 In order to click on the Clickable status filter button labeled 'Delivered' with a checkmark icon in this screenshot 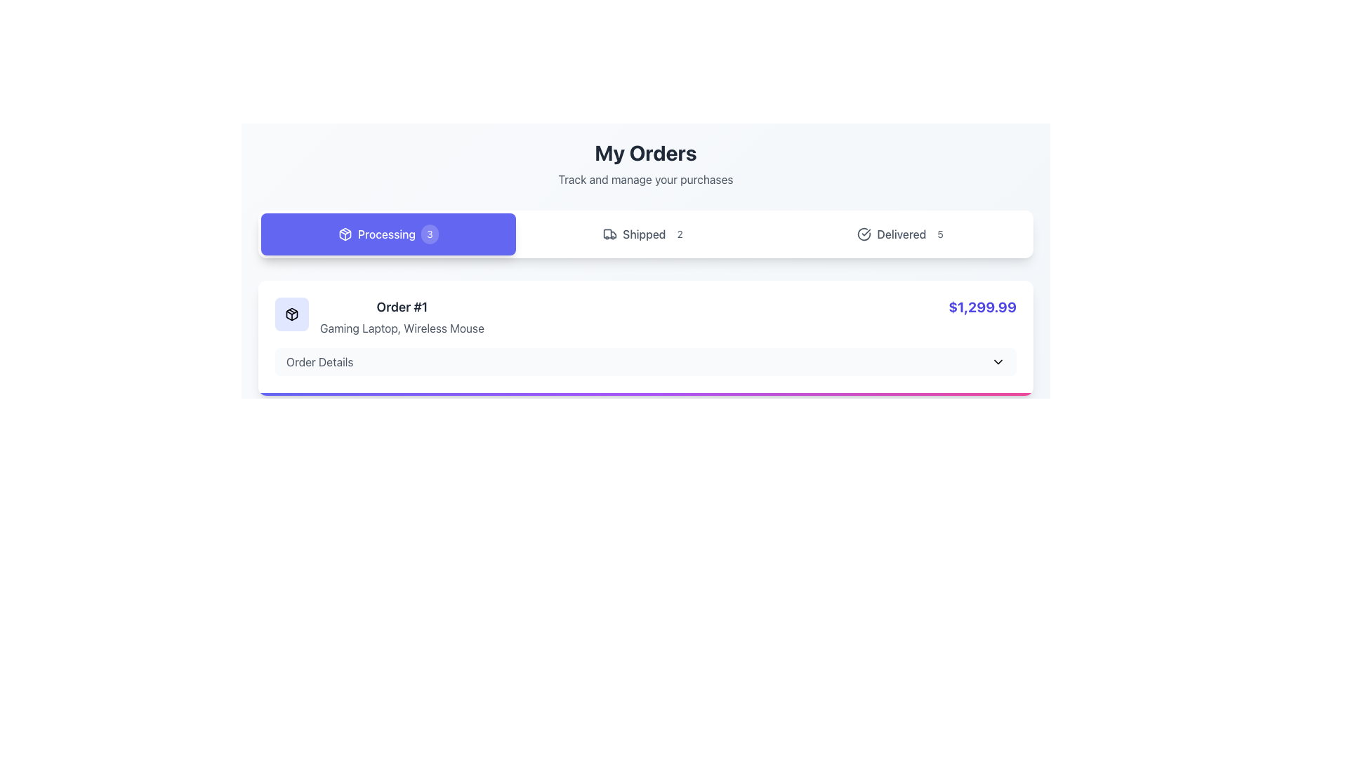, I will do `click(903, 234)`.